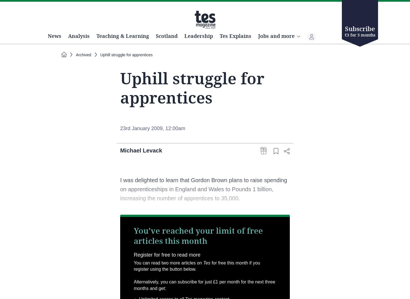 This screenshot has height=299, width=410. Describe the element at coordinates (189, 56) in the screenshot. I see `'Scotland'` at that location.